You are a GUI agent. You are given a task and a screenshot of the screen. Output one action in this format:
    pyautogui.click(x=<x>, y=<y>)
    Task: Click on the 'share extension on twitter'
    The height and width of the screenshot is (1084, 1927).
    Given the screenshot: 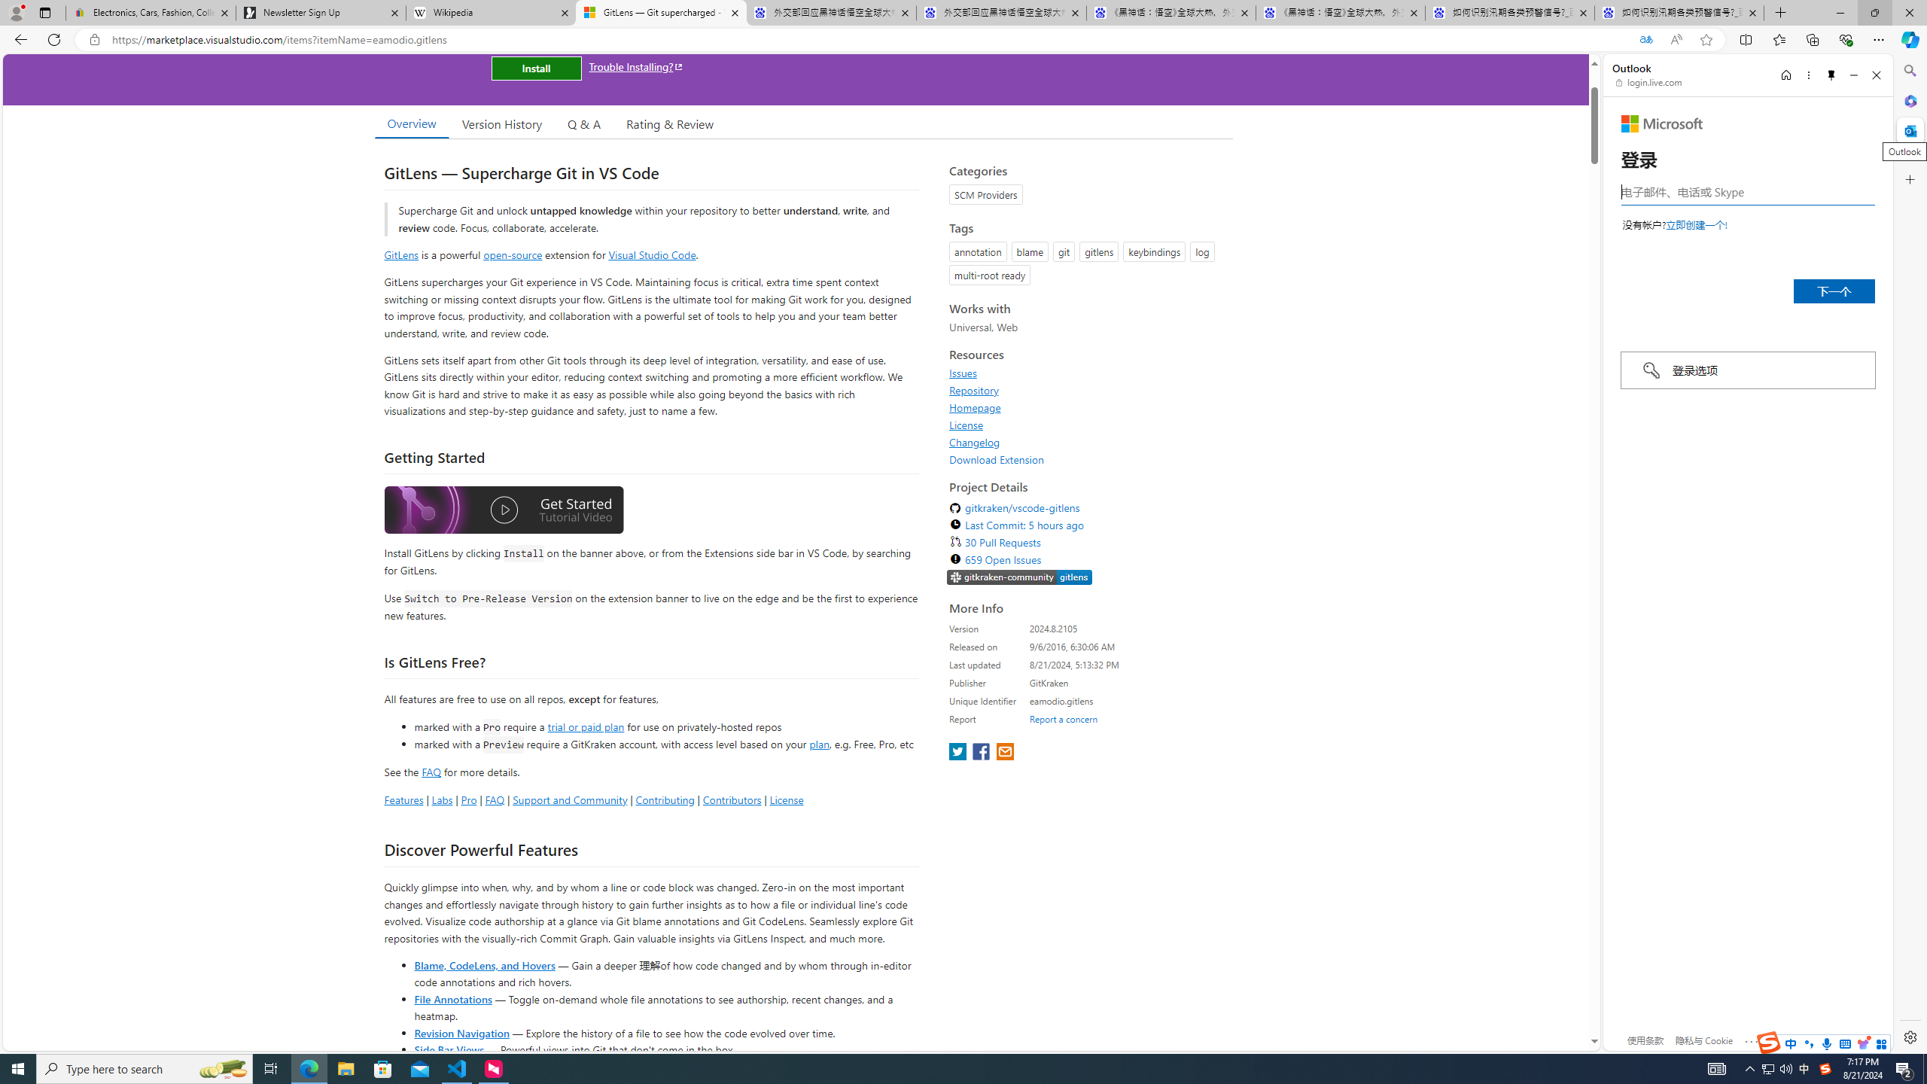 What is the action you would take?
    pyautogui.click(x=958, y=752)
    